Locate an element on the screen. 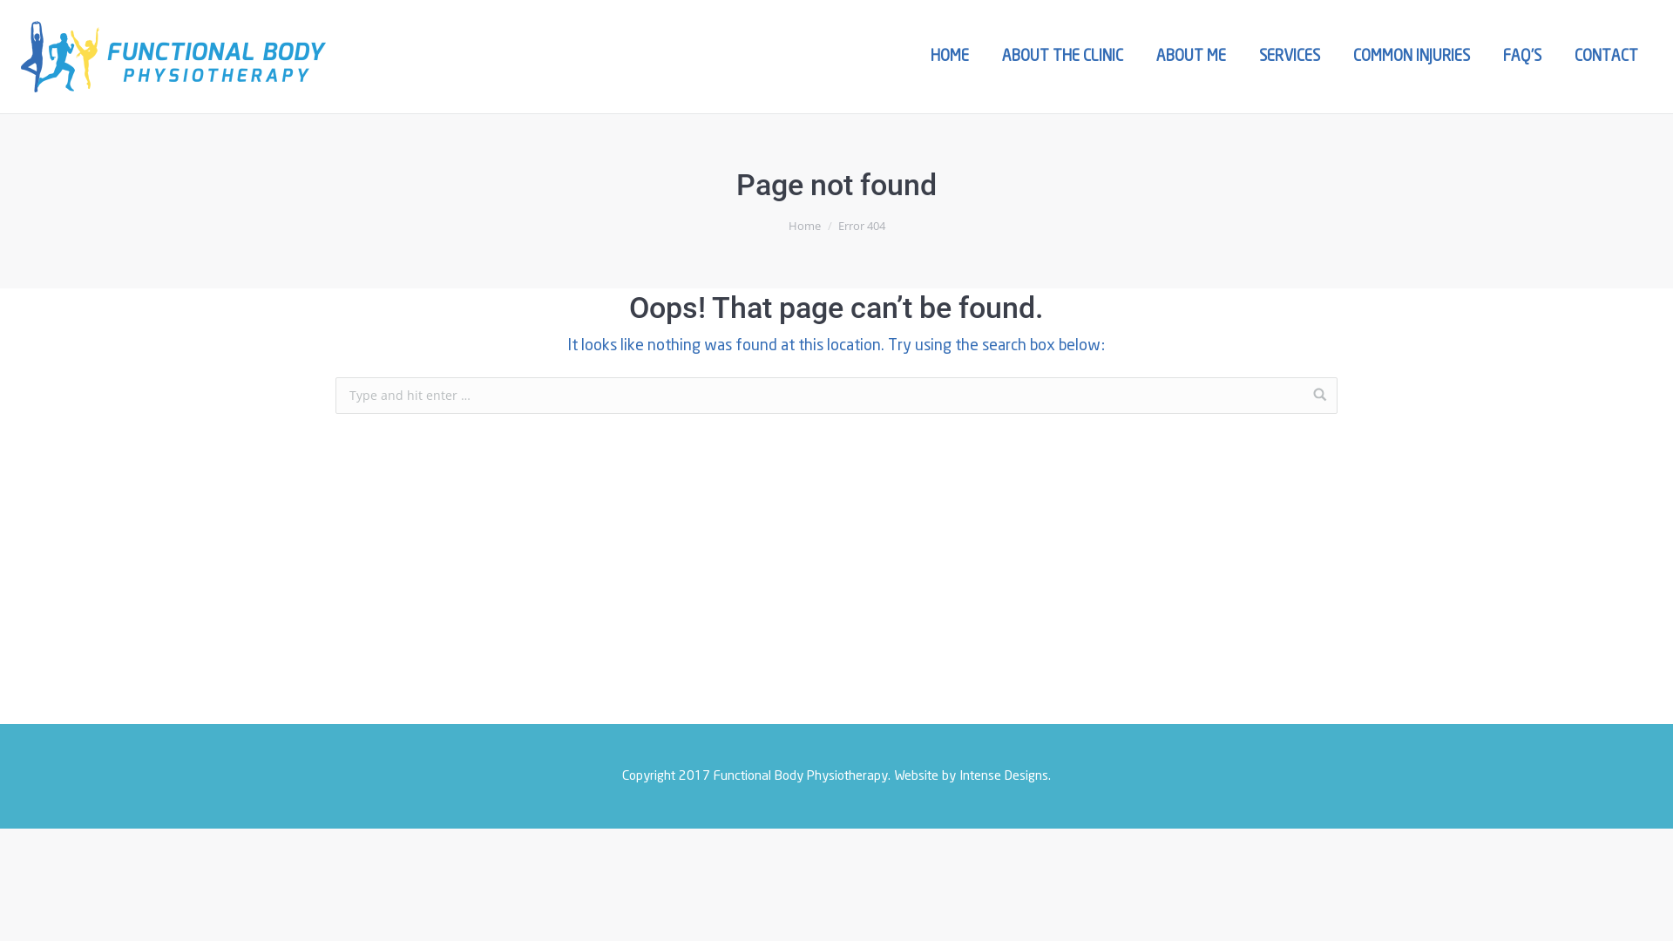 This screenshot has width=1673, height=941. 'Home' is located at coordinates (803, 224).